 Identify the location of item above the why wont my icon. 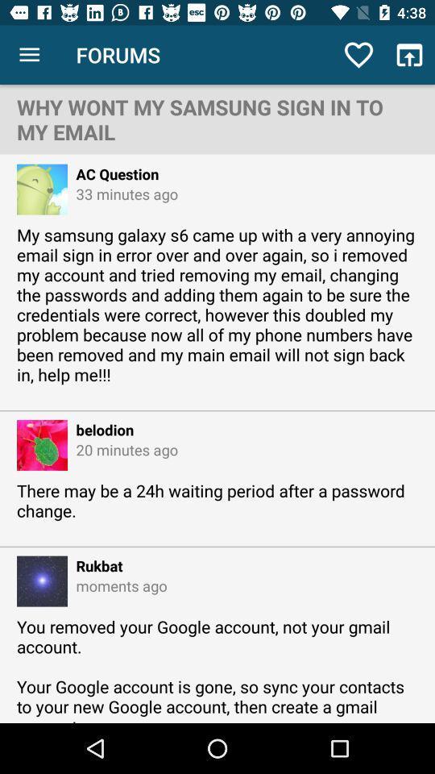
(358, 55).